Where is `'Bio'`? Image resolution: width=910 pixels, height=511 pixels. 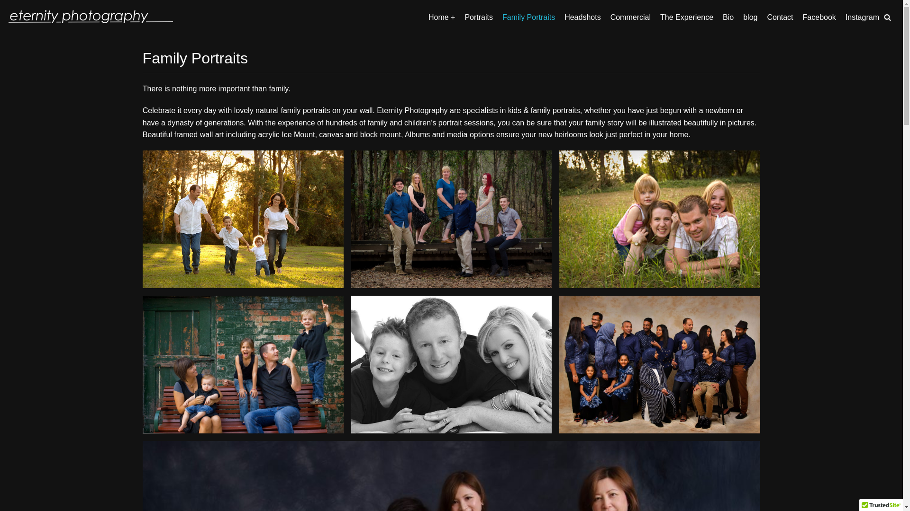 'Bio' is located at coordinates (728, 18).